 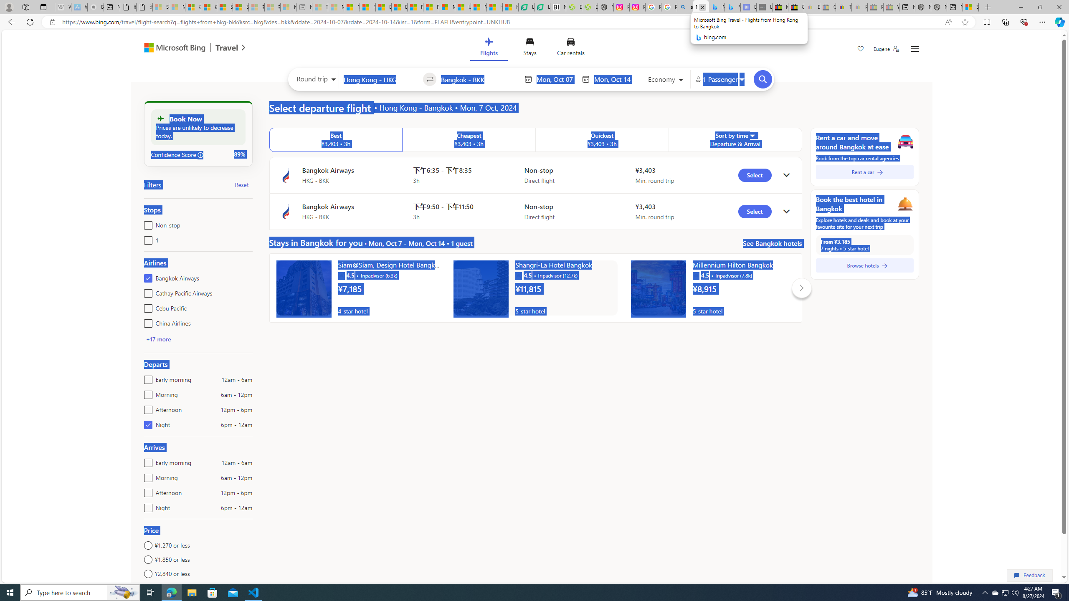 What do you see at coordinates (172, 48) in the screenshot?
I see `'Class: msft-bing-logo msft-bing-logo-desktop'` at bounding box center [172, 48].